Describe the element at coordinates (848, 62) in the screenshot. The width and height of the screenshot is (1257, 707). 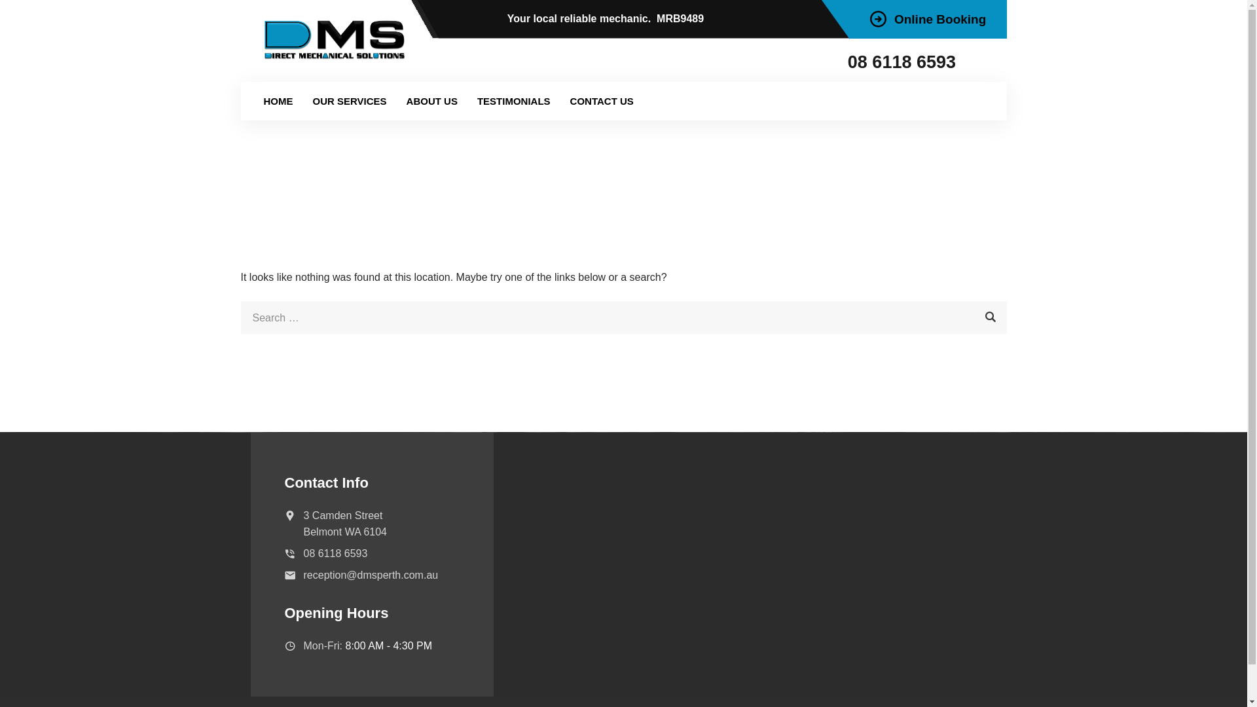
I see `'08 6118 6593 '` at that location.